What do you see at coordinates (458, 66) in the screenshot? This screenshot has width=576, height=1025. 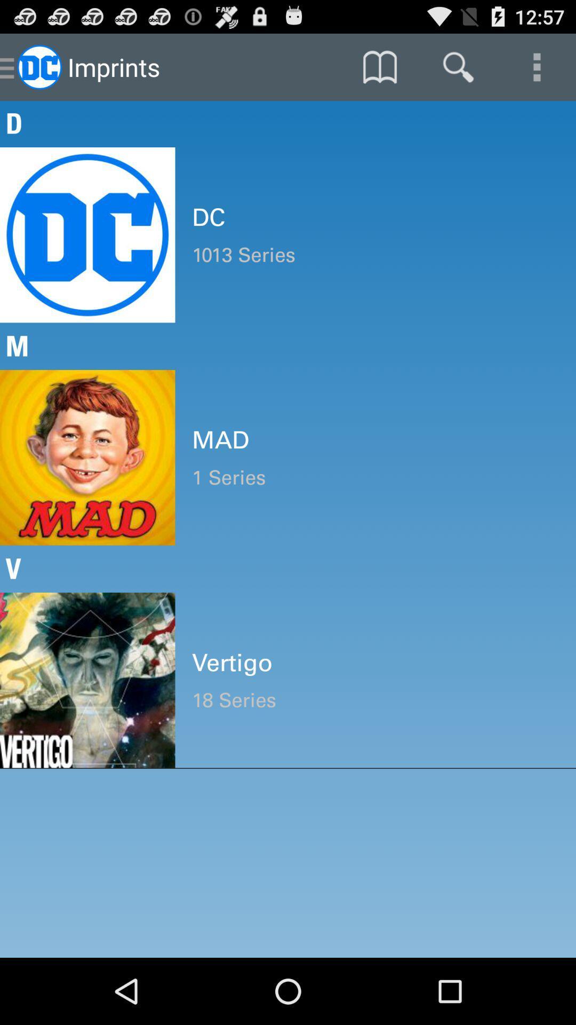 I see `the item above the d icon` at bounding box center [458, 66].